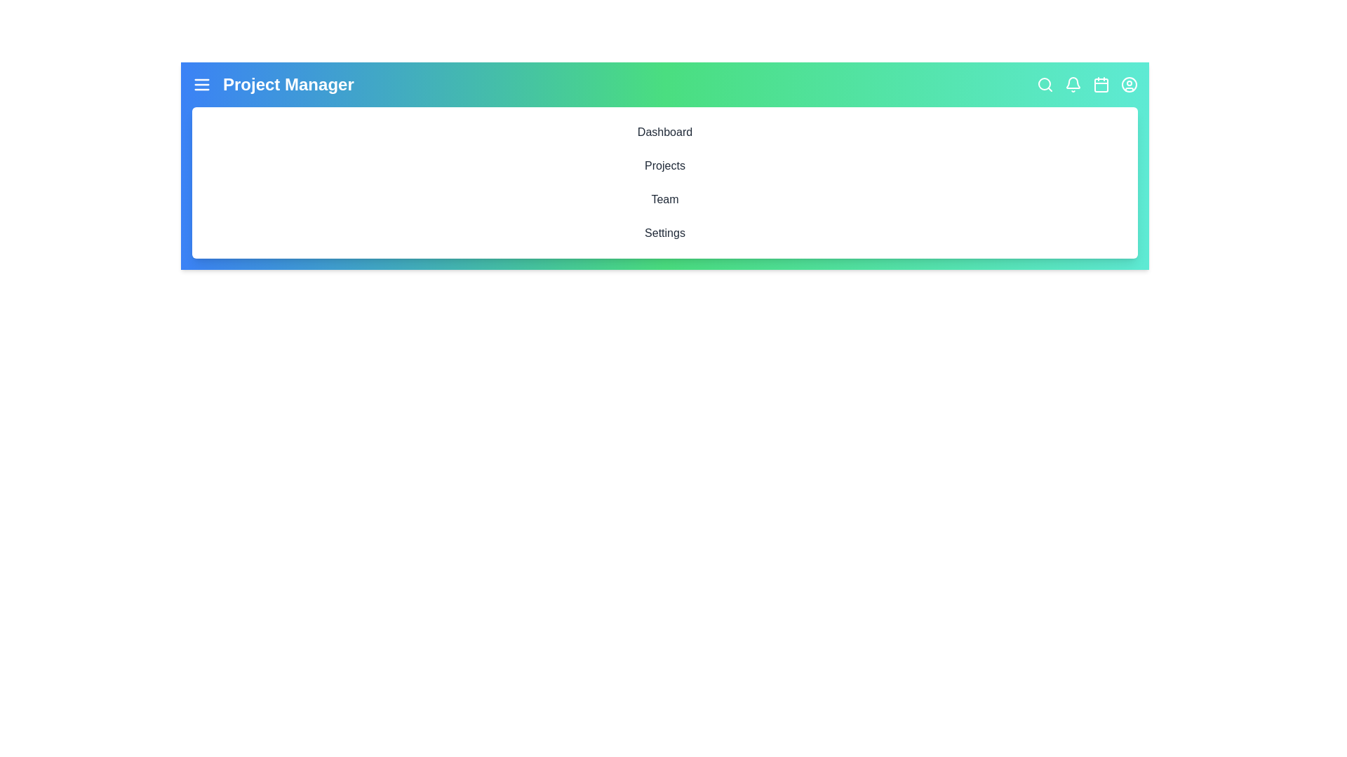 The width and height of the screenshot is (1347, 757). What do you see at coordinates (288, 84) in the screenshot?
I see `the text element Project Manager in the AppBar` at bounding box center [288, 84].